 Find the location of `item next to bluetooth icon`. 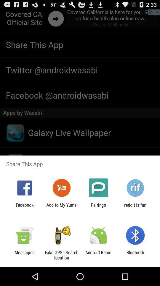

item next to bluetooth icon is located at coordinates (98, 255).